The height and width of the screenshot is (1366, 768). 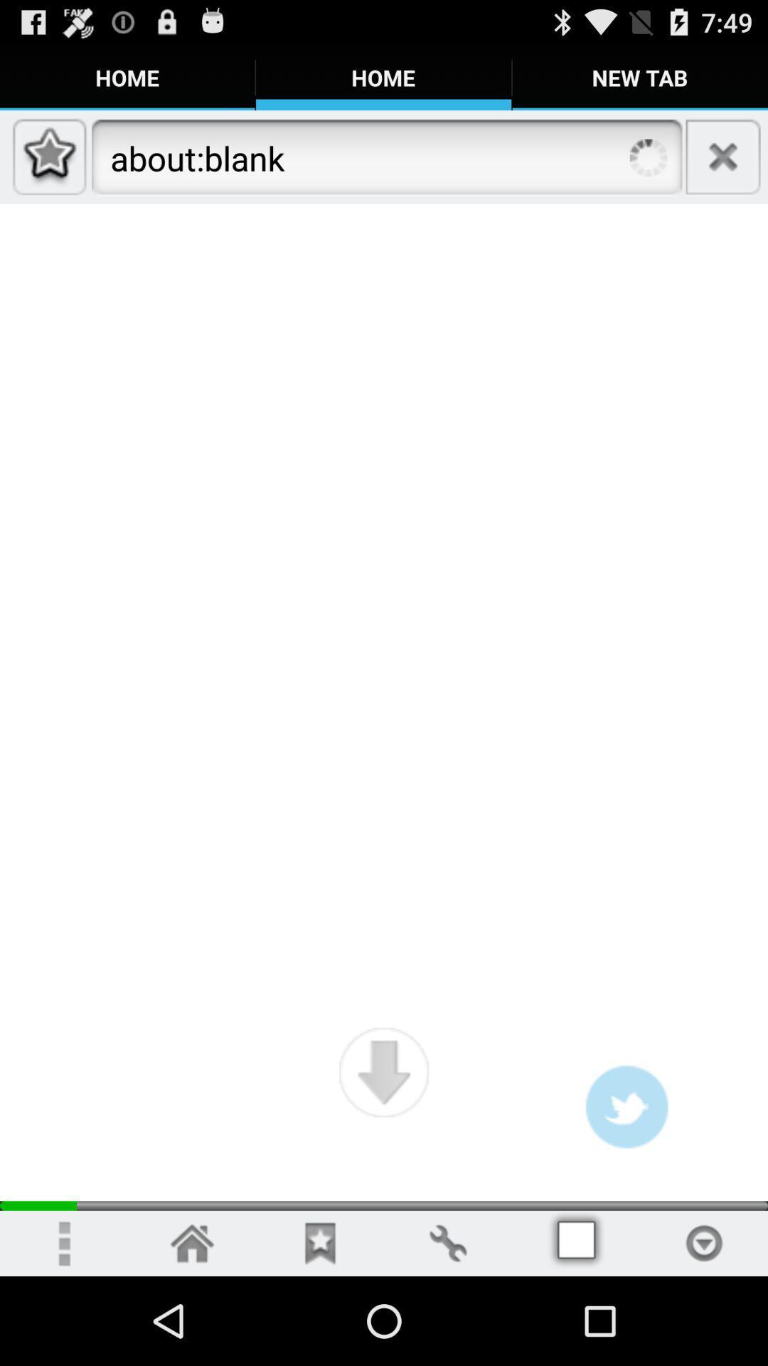 I want to click on the arrow_downward icon, so click(x=384, y=1148).